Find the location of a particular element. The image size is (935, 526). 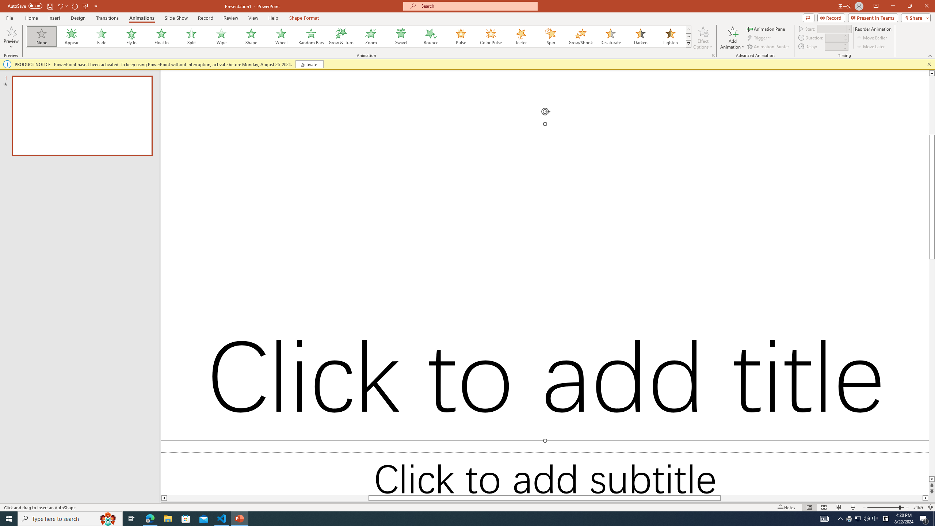

'None' is located at coordinates (42, 36).